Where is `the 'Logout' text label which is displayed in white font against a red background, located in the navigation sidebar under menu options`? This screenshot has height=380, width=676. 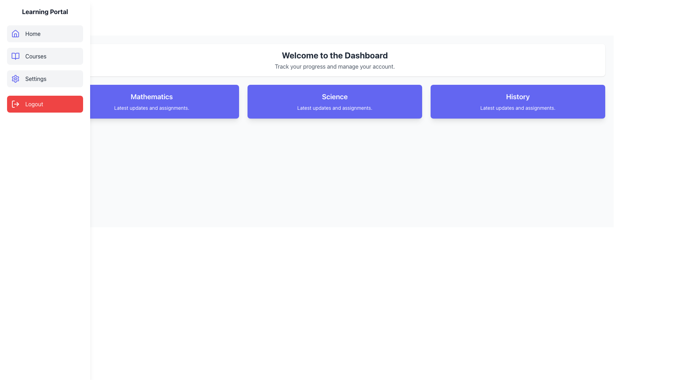
the 'Logout' text label which is displayed in white font against a red background, located in the navigation sidebar under menu options is located at coordinates (34, 104).